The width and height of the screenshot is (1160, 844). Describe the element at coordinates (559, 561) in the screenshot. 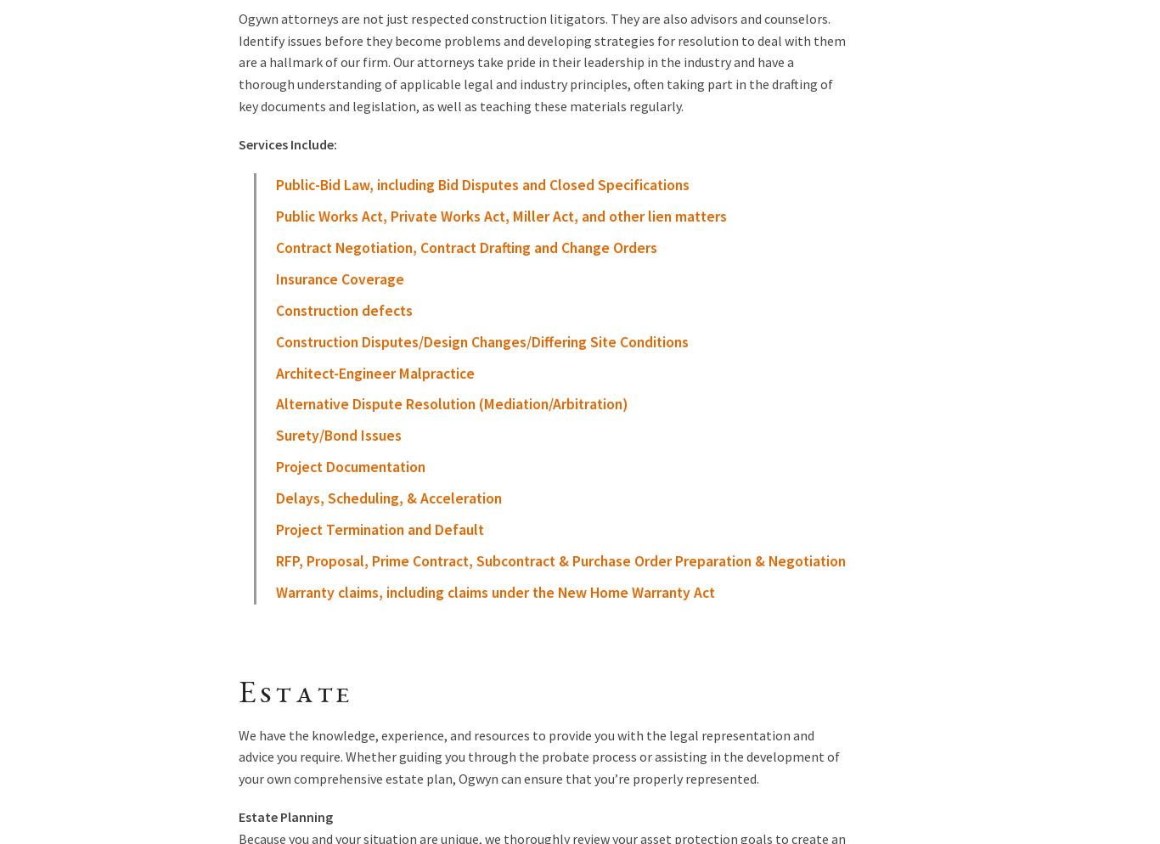

I see `'RFP, Proposal, Prime Contract, Subcontract & Purchase Order Preparation & Negotiation'` at that location.